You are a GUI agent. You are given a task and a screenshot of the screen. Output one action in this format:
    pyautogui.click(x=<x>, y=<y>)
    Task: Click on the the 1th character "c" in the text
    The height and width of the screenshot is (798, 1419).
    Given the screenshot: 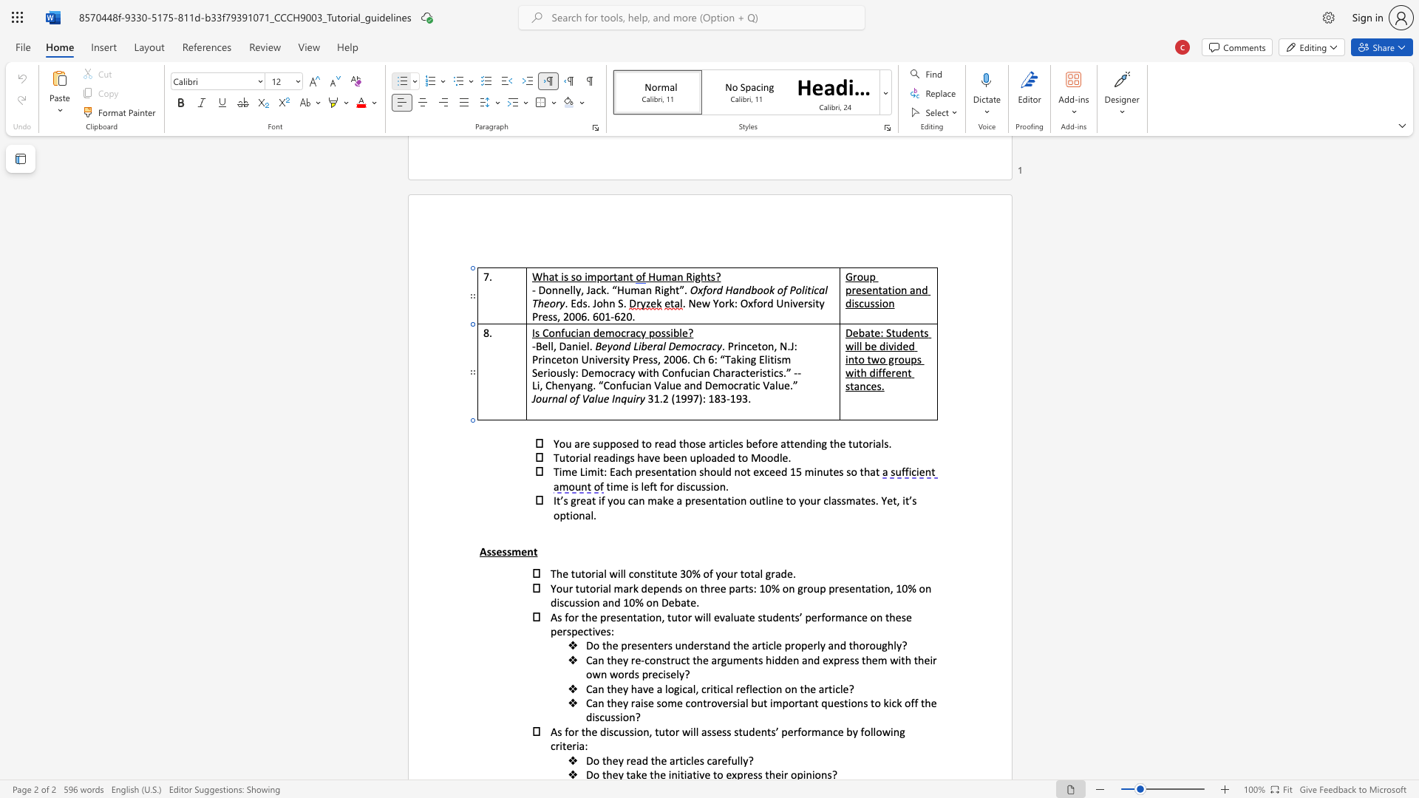 What is the action you would take?
    pyautogui.click(x=687, y=760)
    